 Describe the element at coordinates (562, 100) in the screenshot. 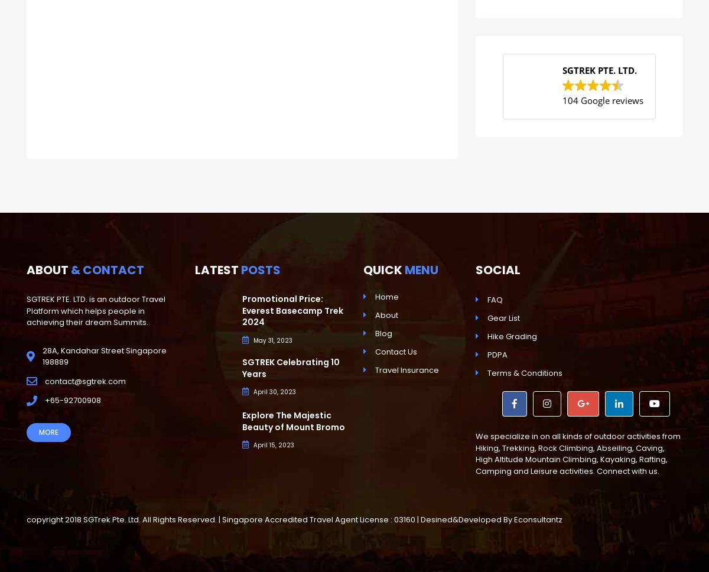

I see `'104 Google reviews'` at that location.